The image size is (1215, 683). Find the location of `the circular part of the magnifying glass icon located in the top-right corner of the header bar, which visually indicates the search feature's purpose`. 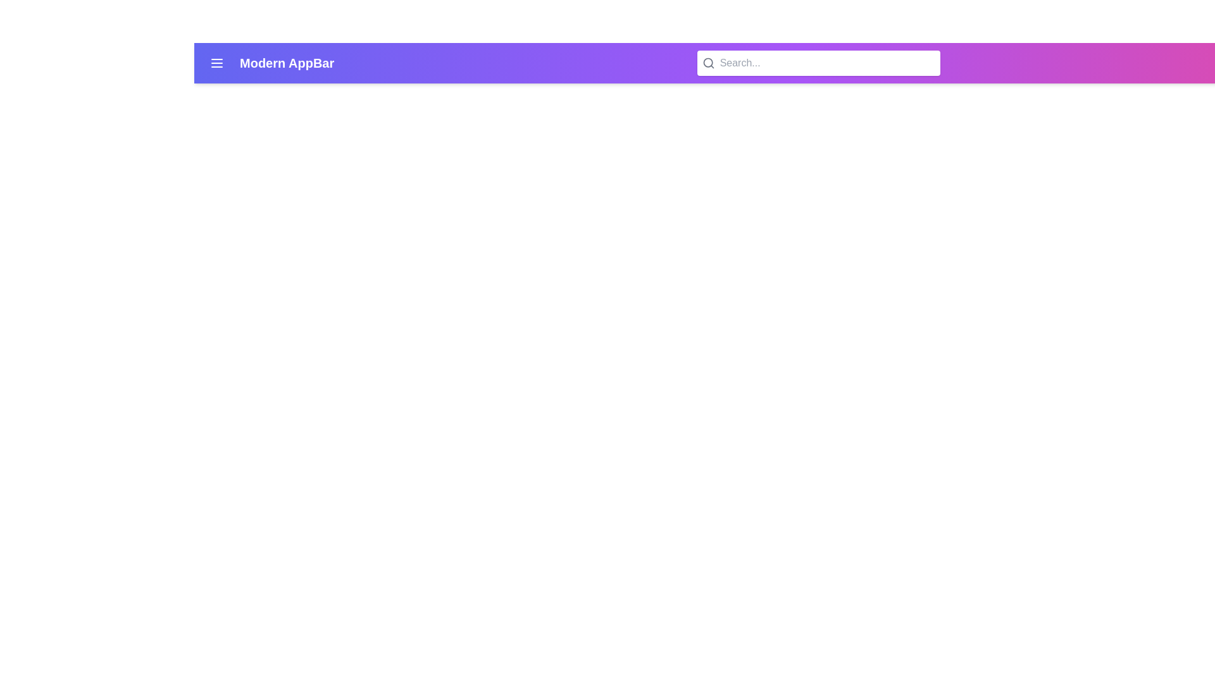

the circular part of the magnifying glass icon located in the top-right corner of the header bar, which visually indicates the search feature's purpose is located at coordinates (707, 63).